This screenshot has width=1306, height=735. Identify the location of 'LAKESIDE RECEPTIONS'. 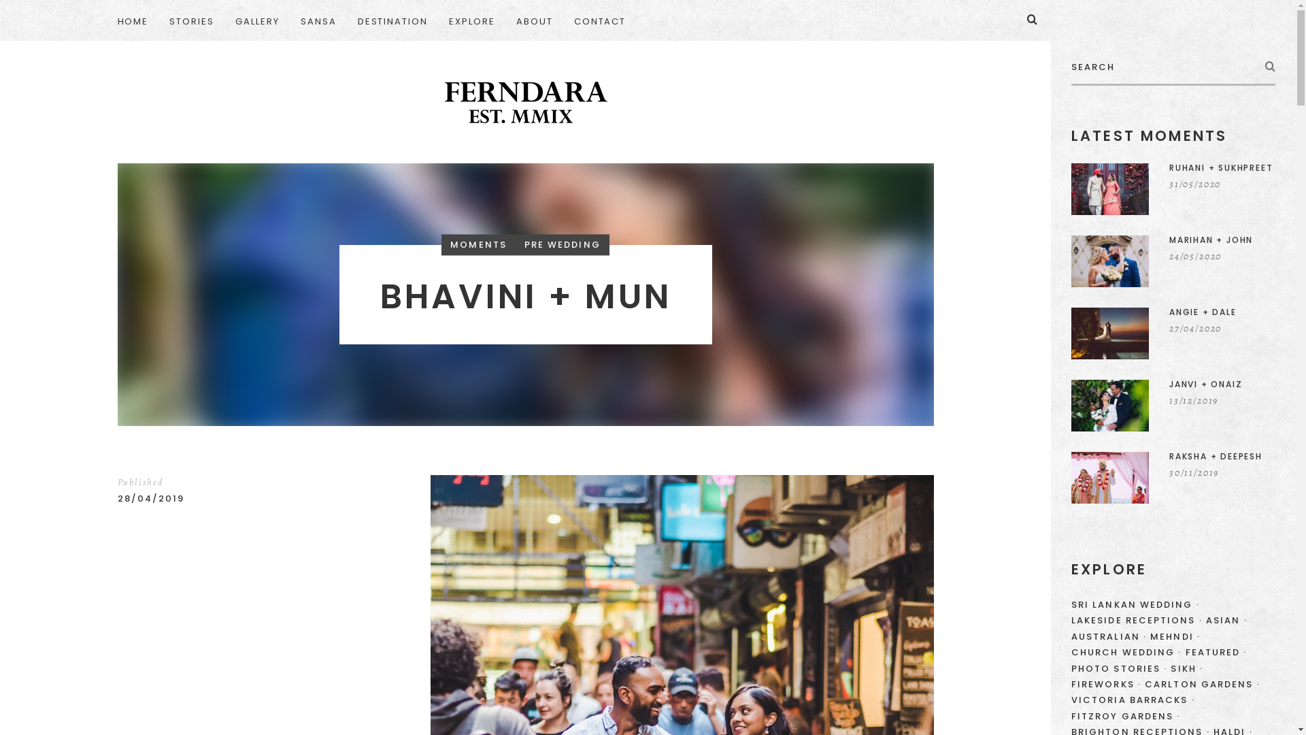
(1137, 620).